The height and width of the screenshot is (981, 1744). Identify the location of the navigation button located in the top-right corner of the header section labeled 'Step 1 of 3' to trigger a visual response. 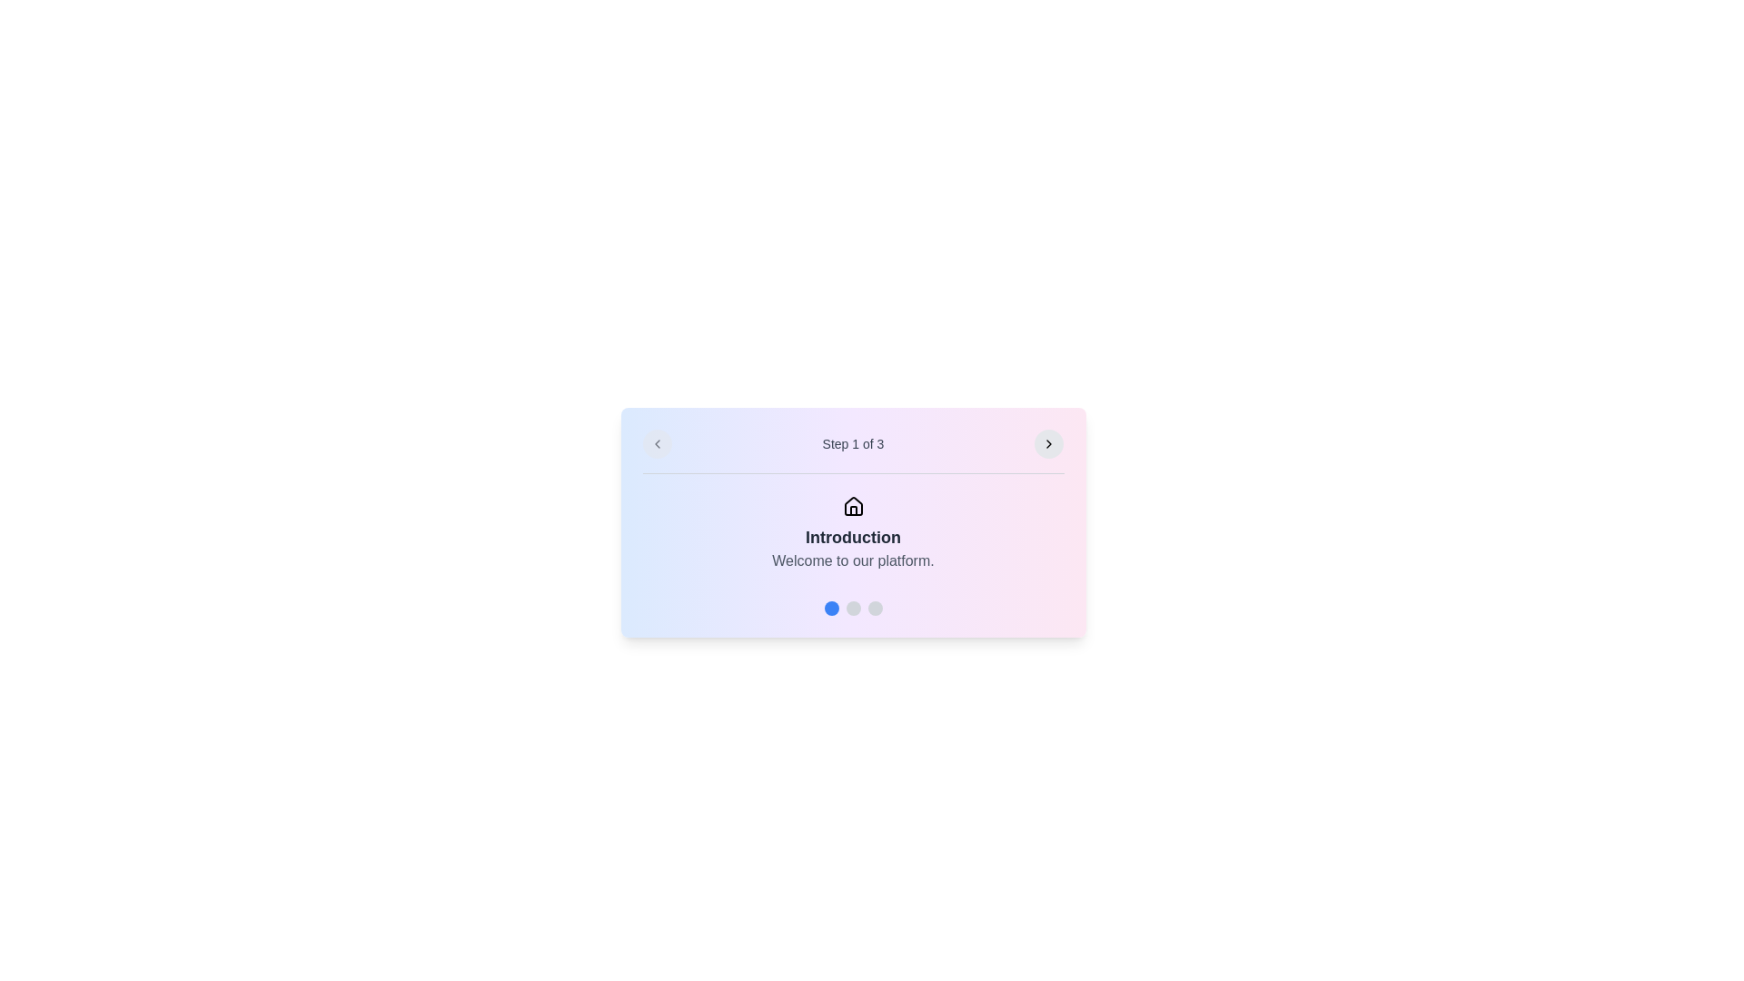
(1049, 444).